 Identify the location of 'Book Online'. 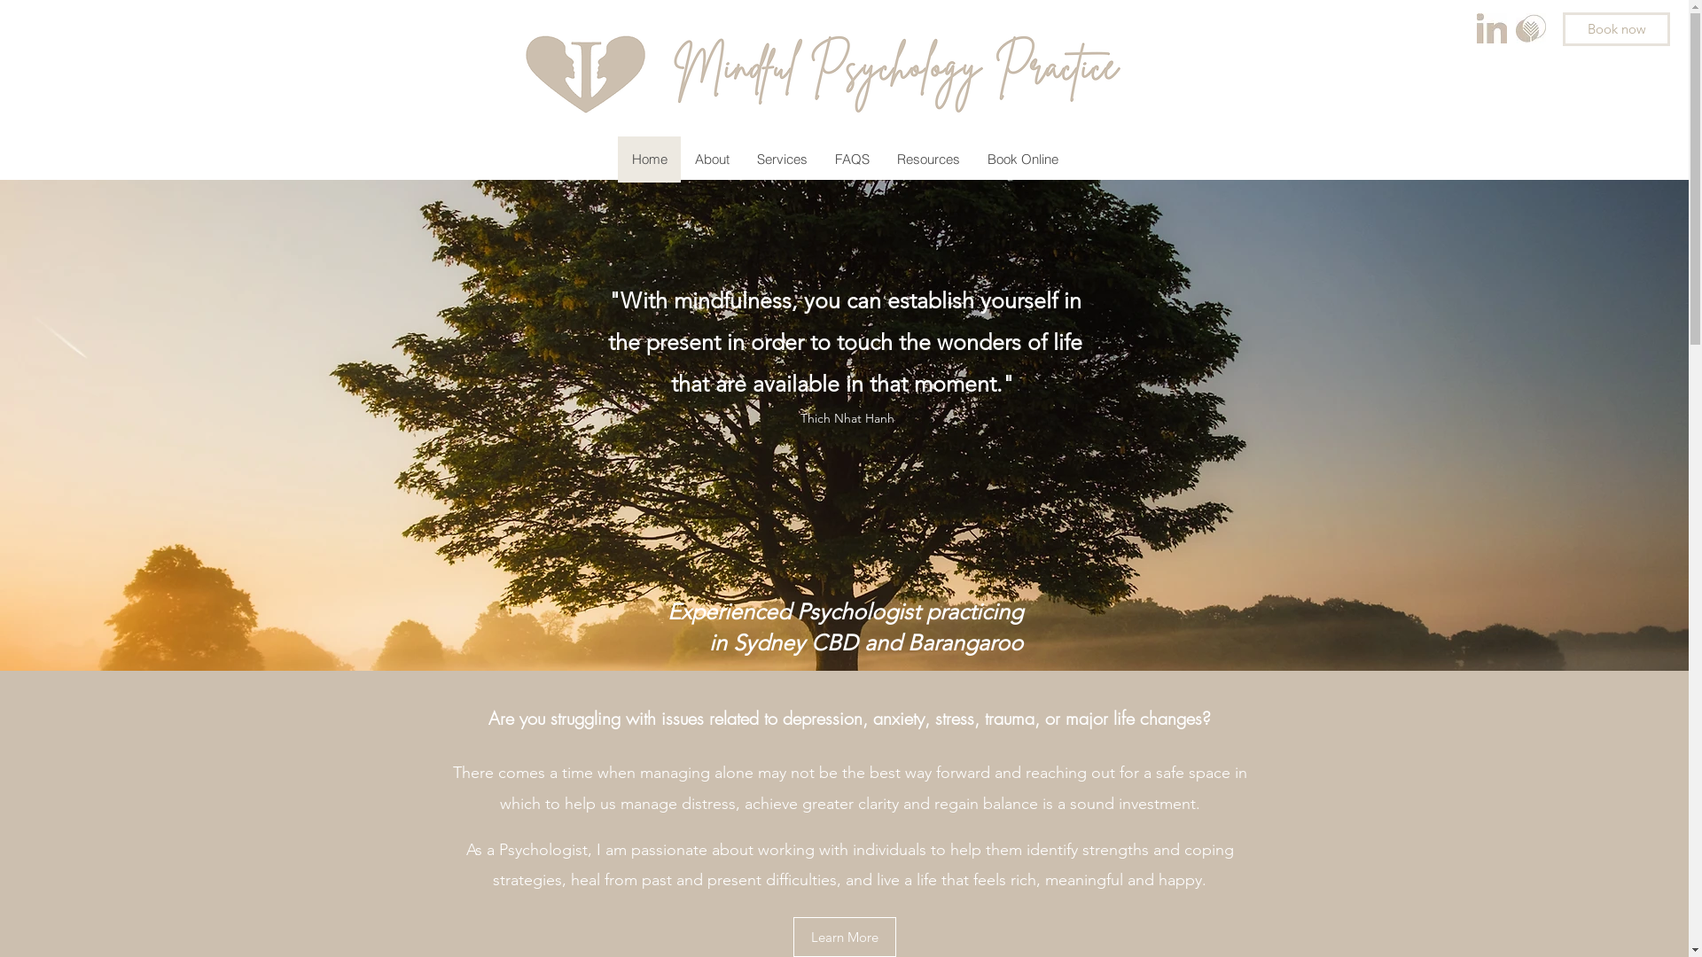
(1022, 159).